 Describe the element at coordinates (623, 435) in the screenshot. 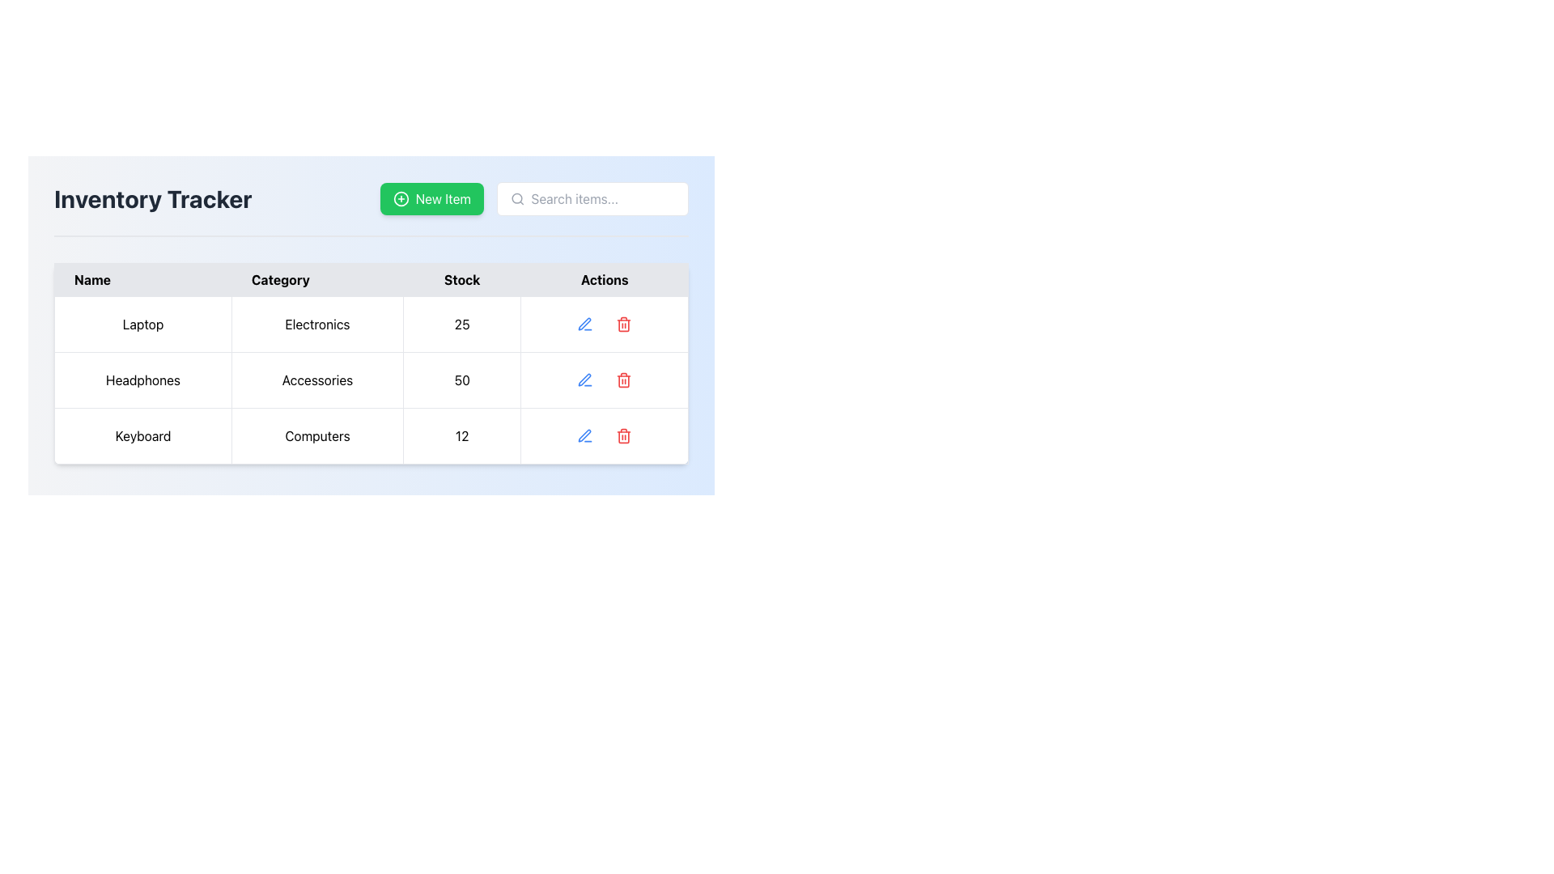

I see `the delete icon located in the 'Actions' column of the last row in the table` at that location.